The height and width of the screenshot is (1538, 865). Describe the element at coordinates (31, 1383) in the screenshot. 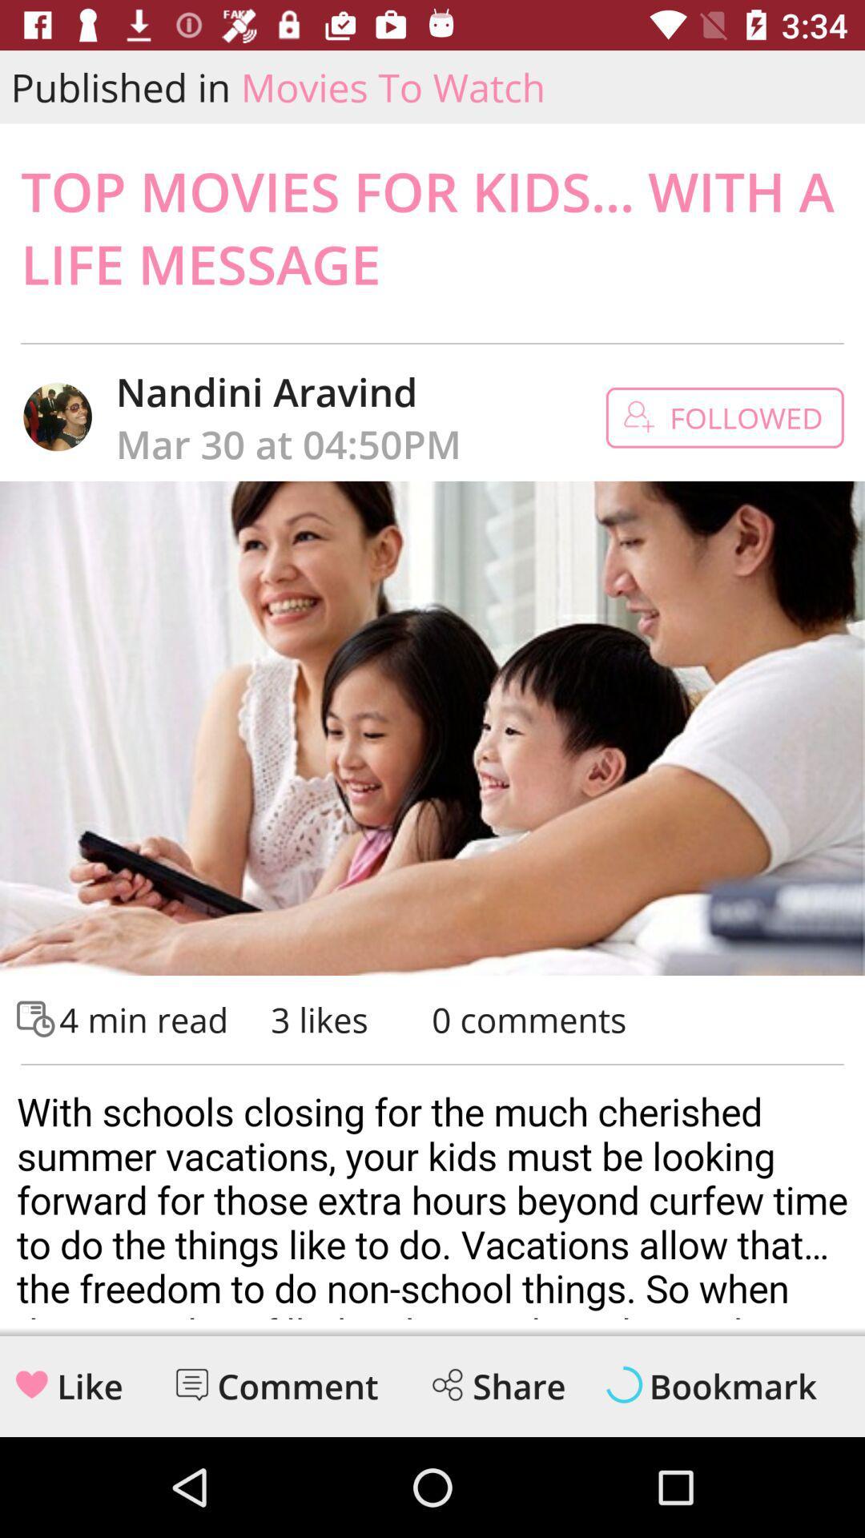

I see `like button` at that location.